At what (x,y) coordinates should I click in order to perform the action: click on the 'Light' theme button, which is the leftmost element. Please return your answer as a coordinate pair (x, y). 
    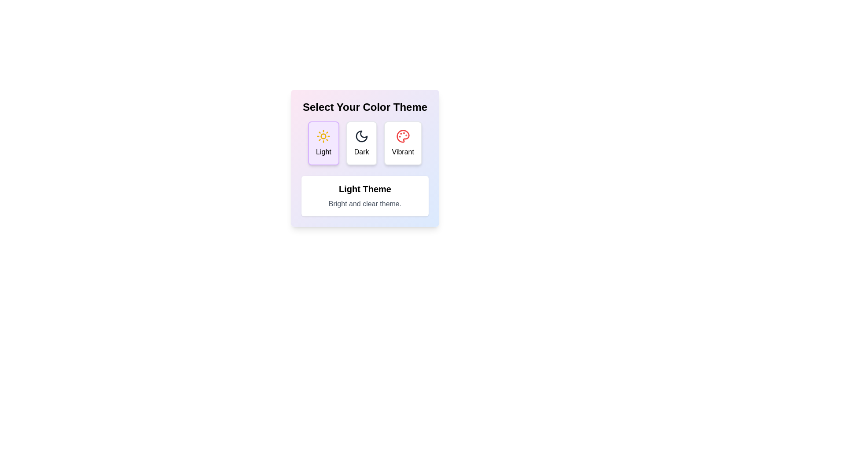
    Looking at the image, I should click on (323, 143).